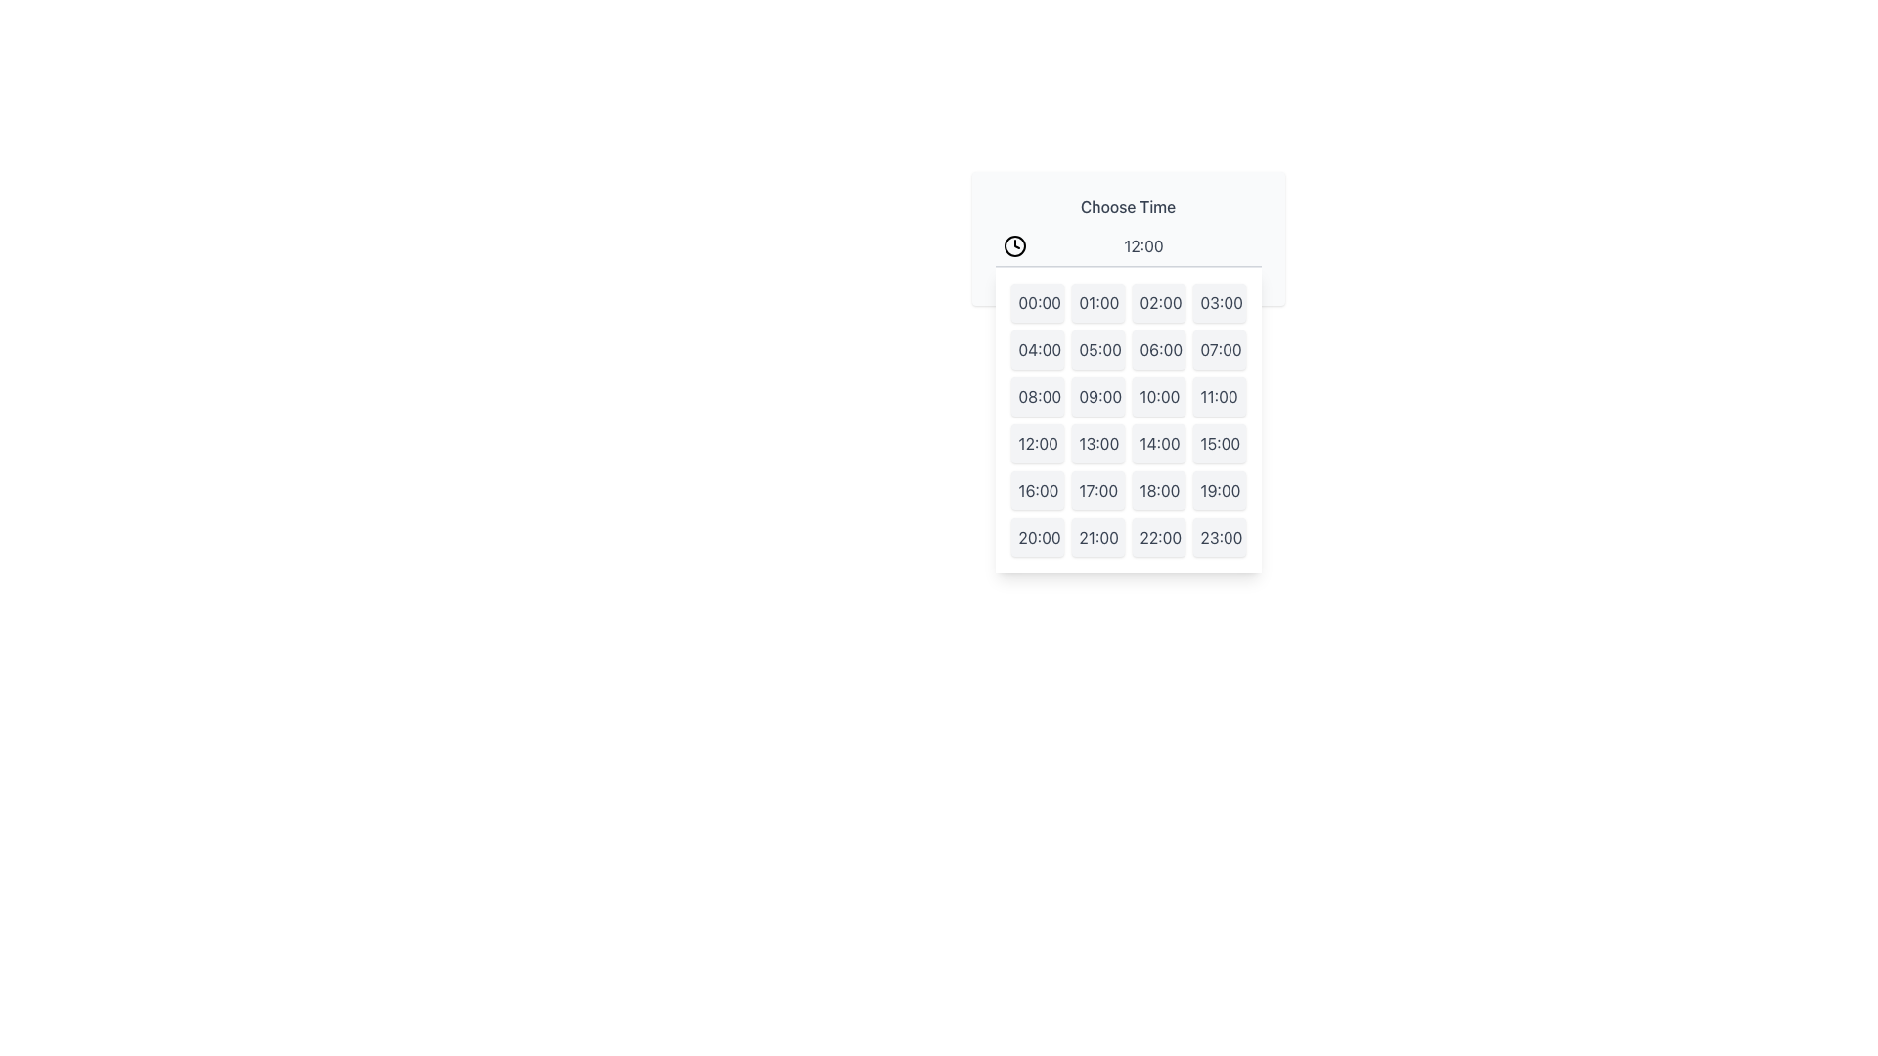 This screenshot has height=1056, width=1878. I want to click on the rectangular button displaying '12:00' to trigger the hover effect, so click(1036, 444).